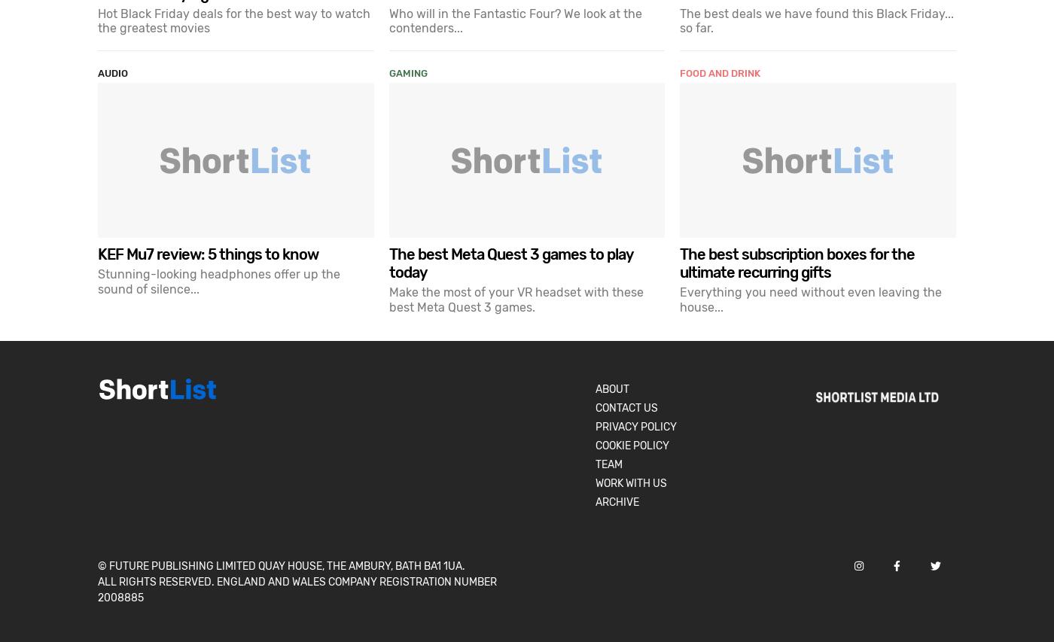 This screenshot has height=642, width=1054. Describe the element at coordinates (636, 426) in the screenshot. I see `'Privacy Policy'` at that location.